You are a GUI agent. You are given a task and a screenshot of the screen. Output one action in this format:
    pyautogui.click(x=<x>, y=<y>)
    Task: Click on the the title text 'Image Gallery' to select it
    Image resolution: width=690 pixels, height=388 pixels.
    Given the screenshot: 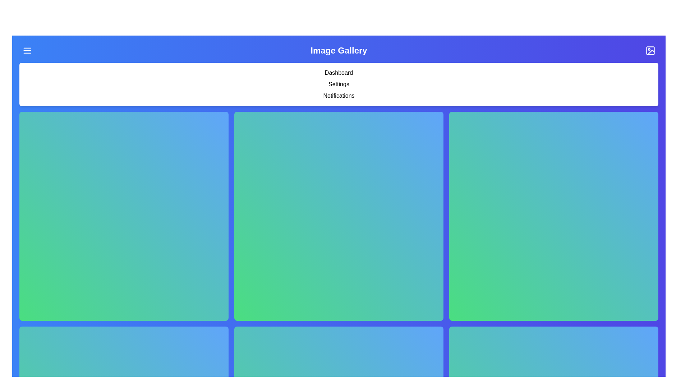 What is the action you would take?
    pyautogui.click(x=338, y=50)
    